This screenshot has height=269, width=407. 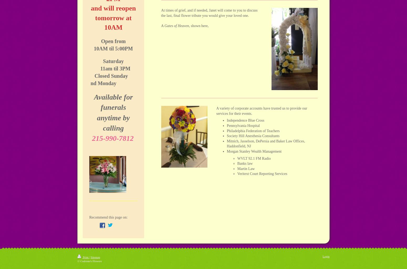 What do you see at coordinates (253, 130) in the screenshot?
I see `'Philadelphia Federation of Teachers'` at bounding box center [253, 130].